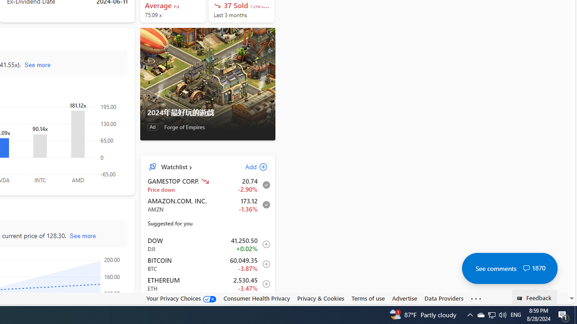  What do you see at coordinates (180, 298) in the screenshot?
I see `'Your Privacy Choices'` at bounding box center [180, 298].